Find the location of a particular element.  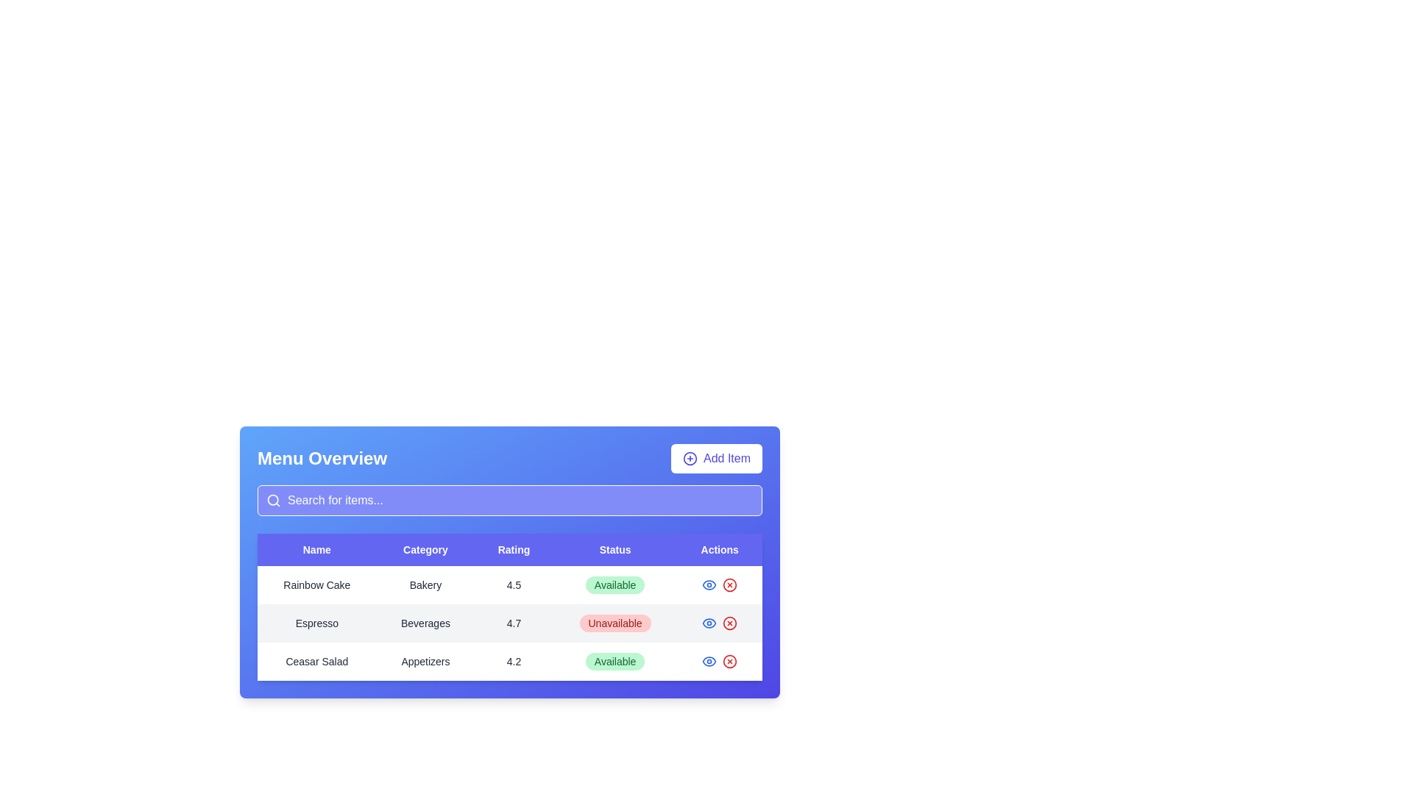

the 'Unavailable' status label for the 'Espresso' row in the status column of the table is located at coordinates (615, 623).